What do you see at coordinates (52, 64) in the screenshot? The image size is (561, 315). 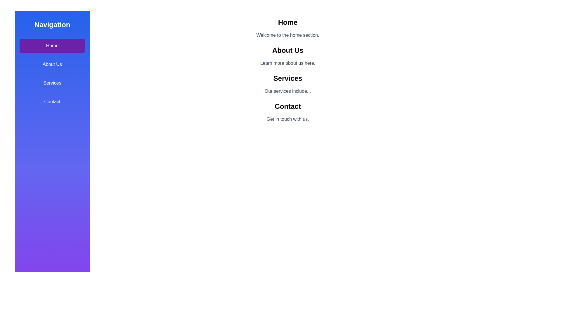 I see `the 'About Us' navigation link, which is the second element in the vertically stacked navigation menu, to redirect users to the corresponding section` at bounding box center [52, 64].